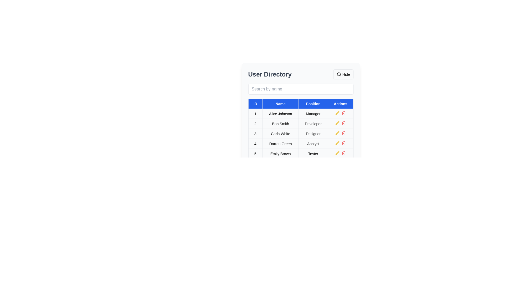 The width and height of the screenshot is (505, 284). Describe the element at coordinates (280, 154) in the screenshot. I see `the text label displaying 'Emily Brown', which is located in the fifth row of the data table under the 'Name' column` at that location.